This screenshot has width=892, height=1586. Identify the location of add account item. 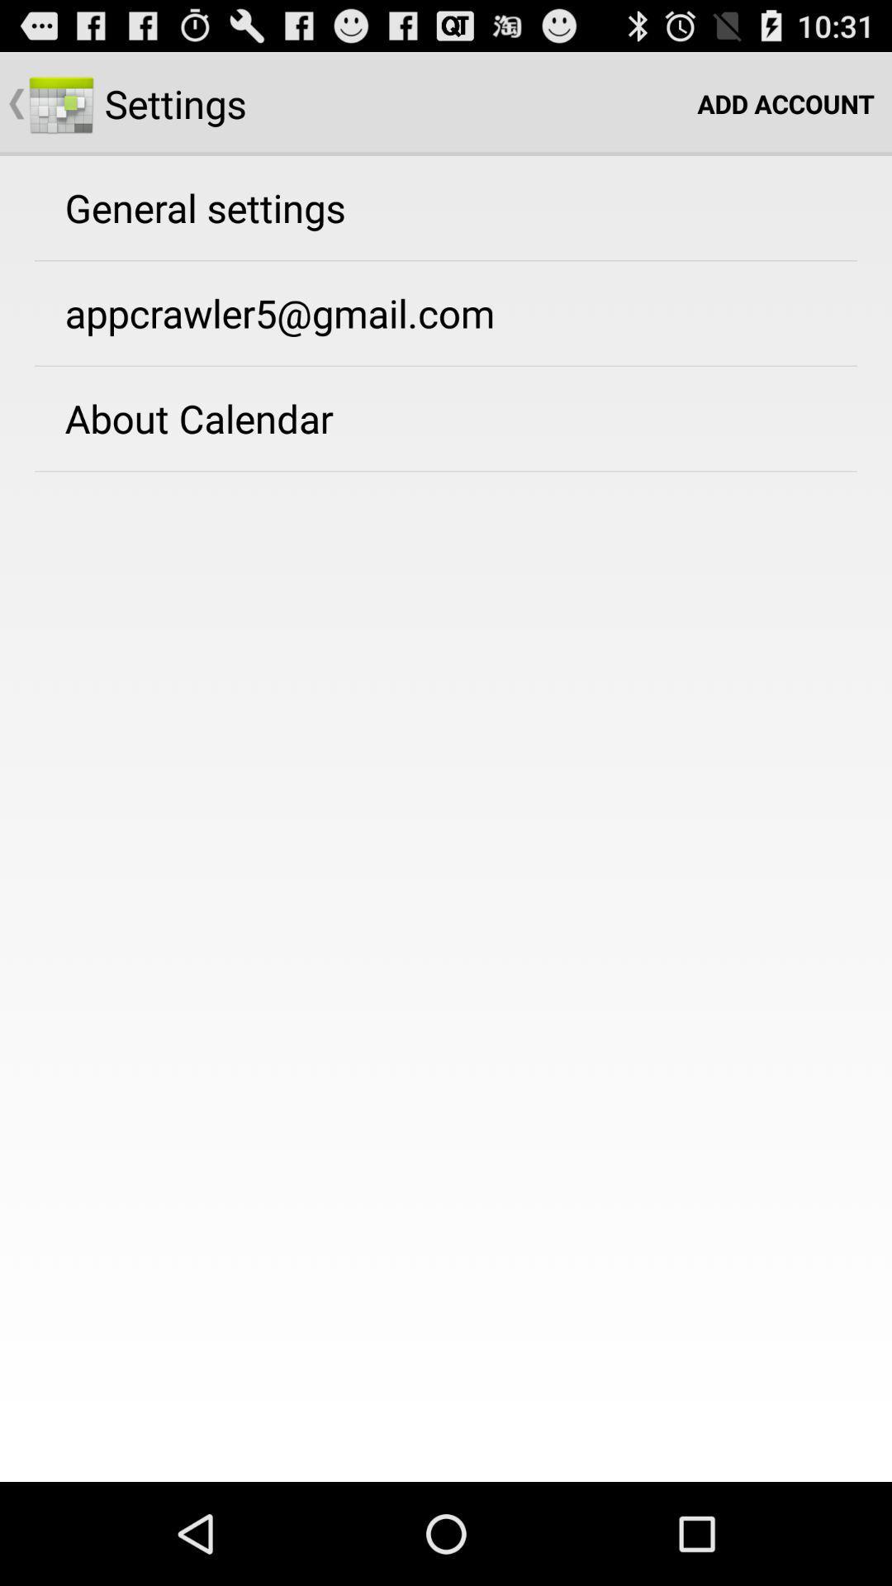
(785, 102).